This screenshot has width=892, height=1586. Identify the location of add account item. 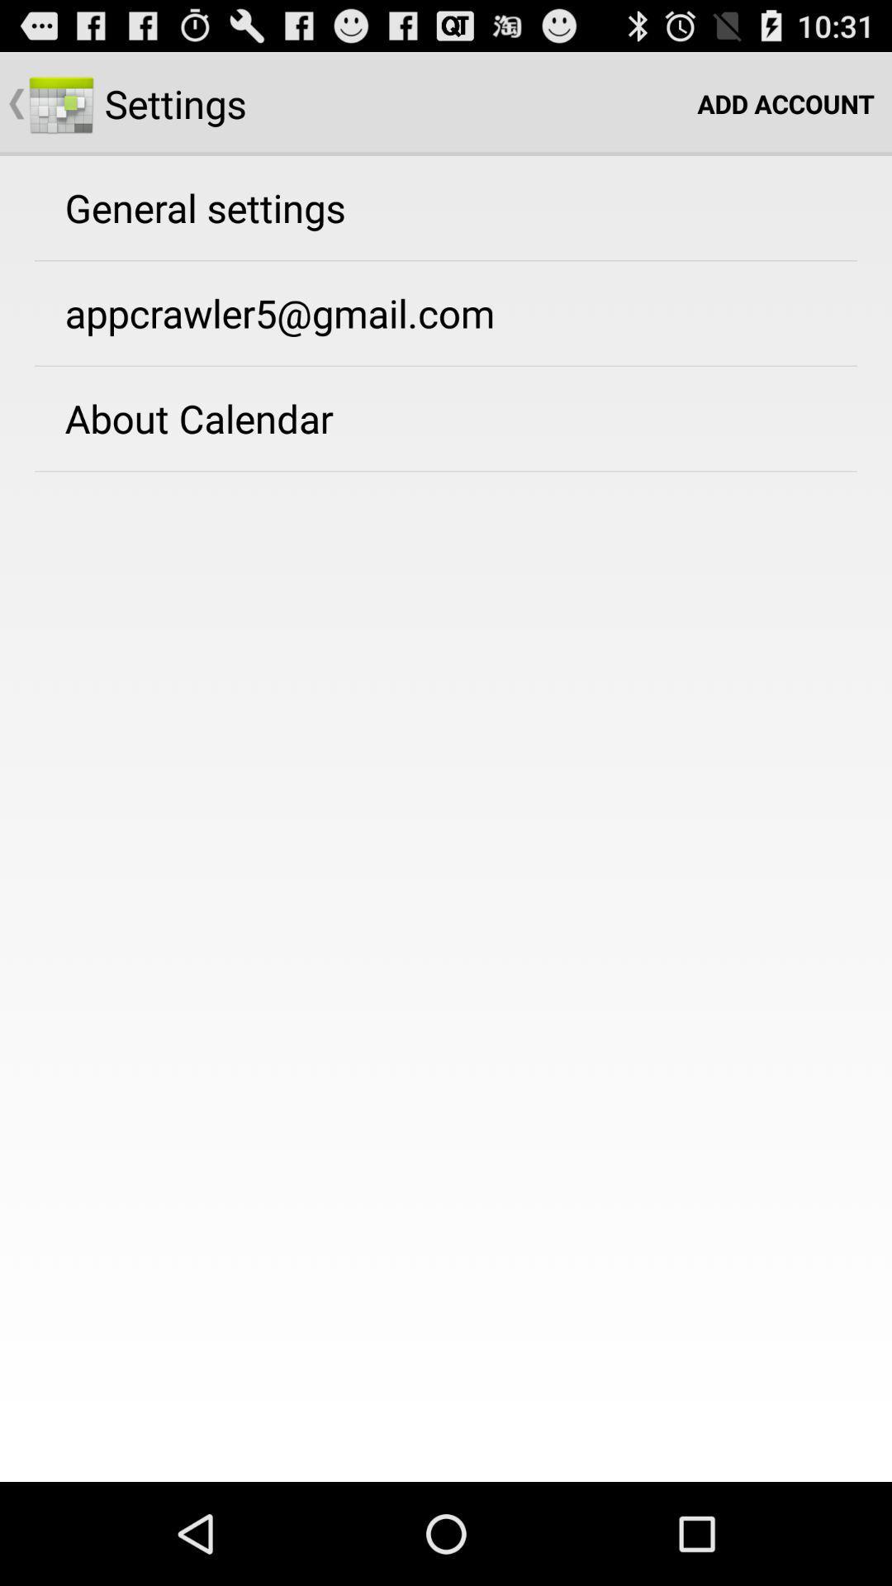
(785, 102).